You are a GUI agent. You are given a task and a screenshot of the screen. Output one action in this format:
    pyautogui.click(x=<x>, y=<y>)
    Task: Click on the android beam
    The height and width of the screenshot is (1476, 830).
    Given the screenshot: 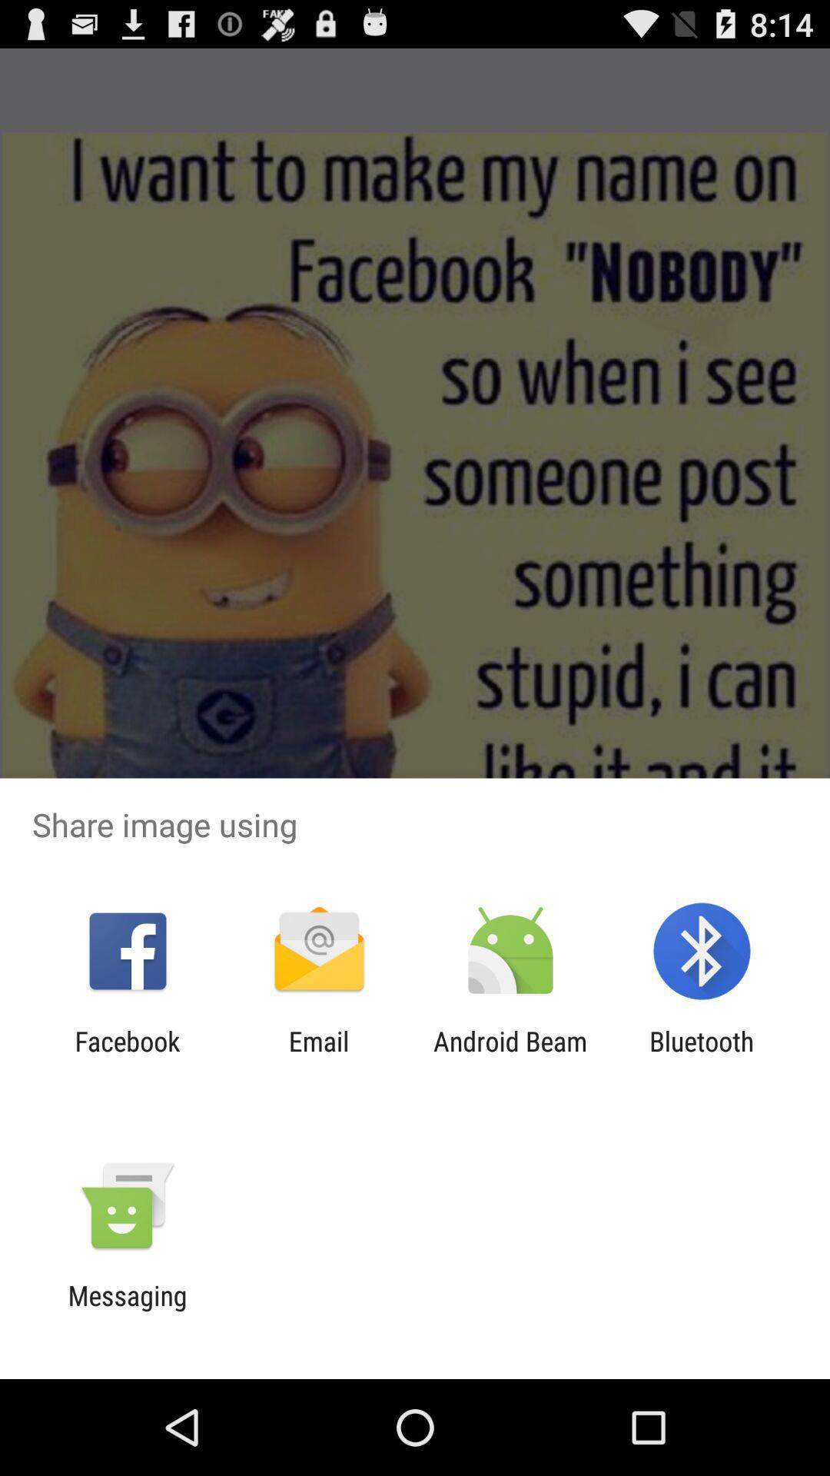 What is the action you would take?
    pyautogui.click(x=510, y=1056)
    